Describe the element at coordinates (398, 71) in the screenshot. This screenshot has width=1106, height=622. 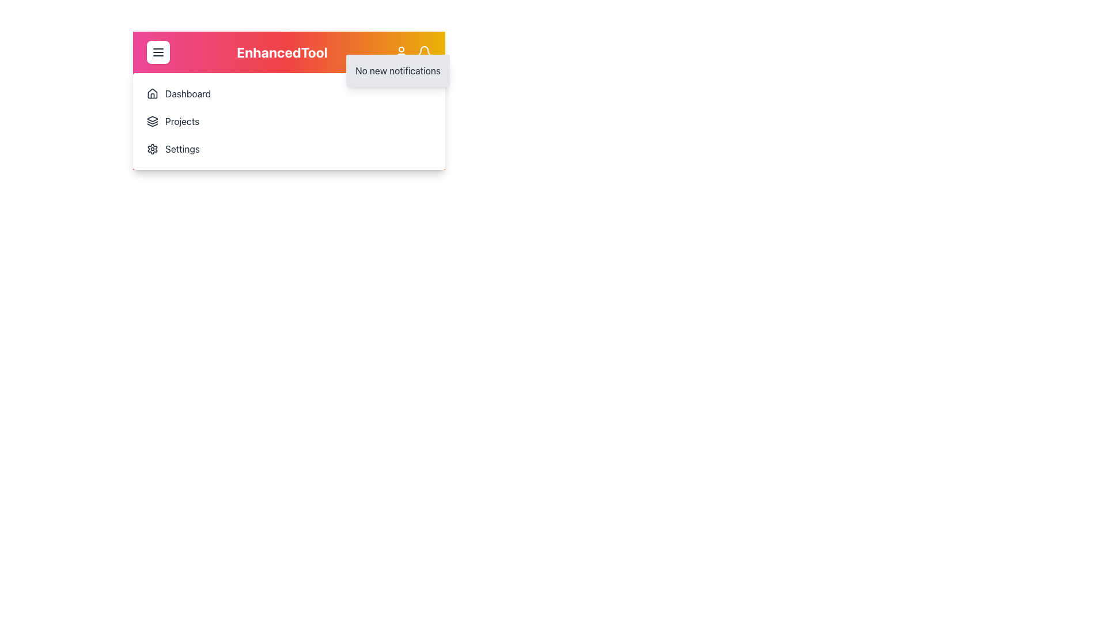
I see `the non-interactive text label that indicates the absence of new notifications, located in the notifications dropdown at the top-right corner of the interface` at that location.